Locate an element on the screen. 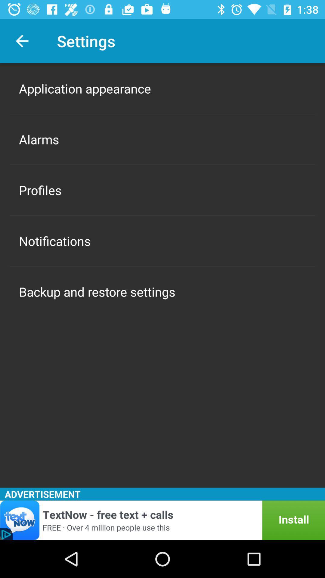 The height and width of the screenshot is (578, 325). icon next to the settings is located at coordinates (22, 41).